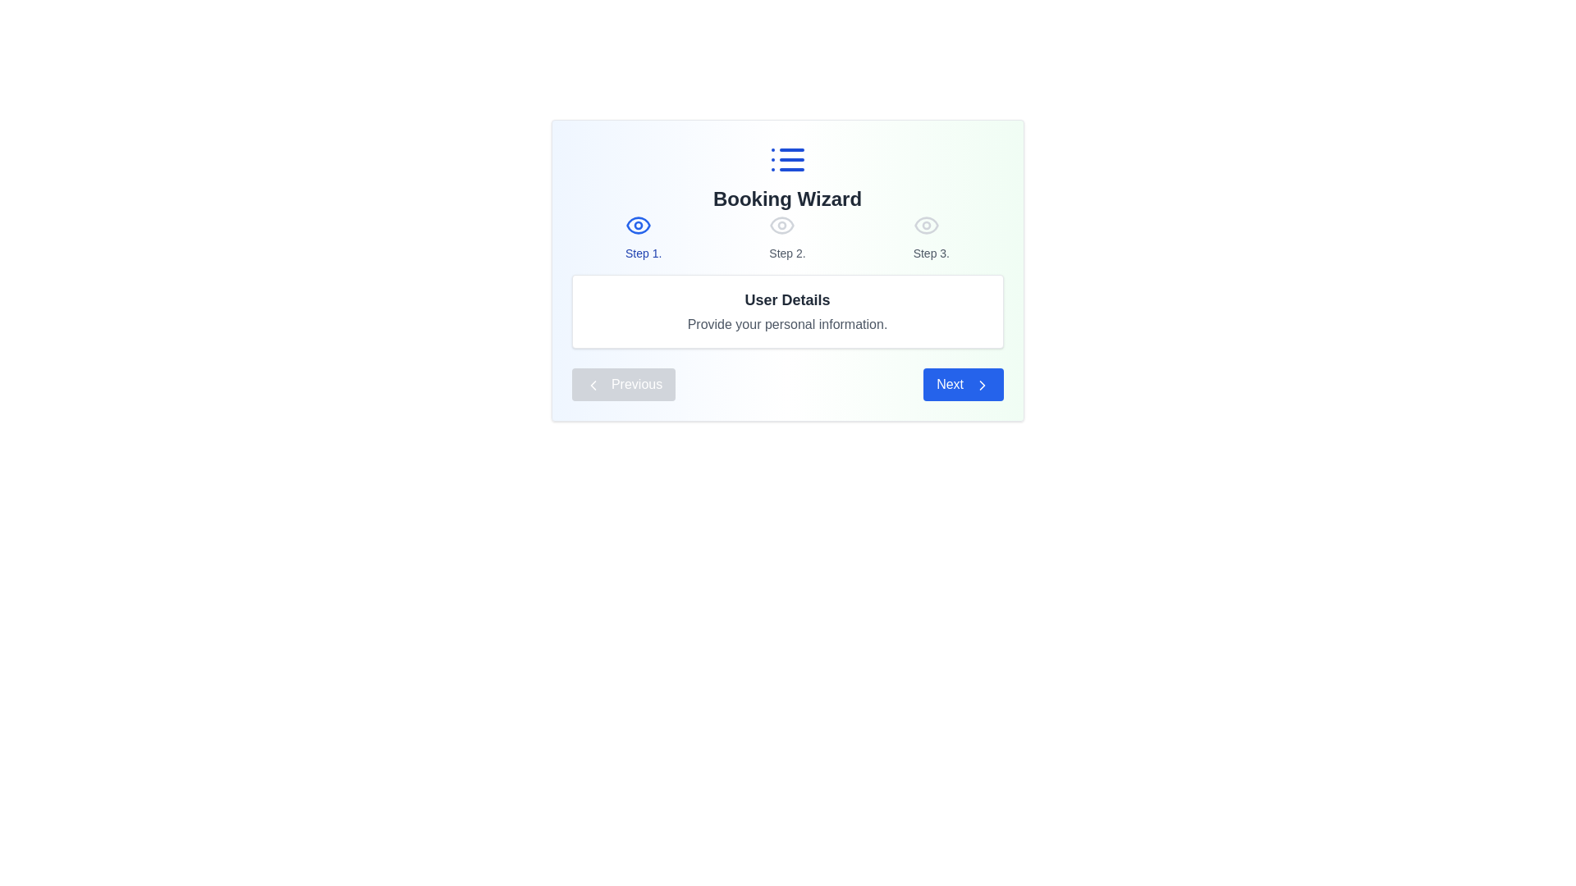 This screenshot has height=886, width=1576. I want to click on the right-pointing chevron arrow icon located at the rightmost end of the 'Next' button, so click(982, 385).